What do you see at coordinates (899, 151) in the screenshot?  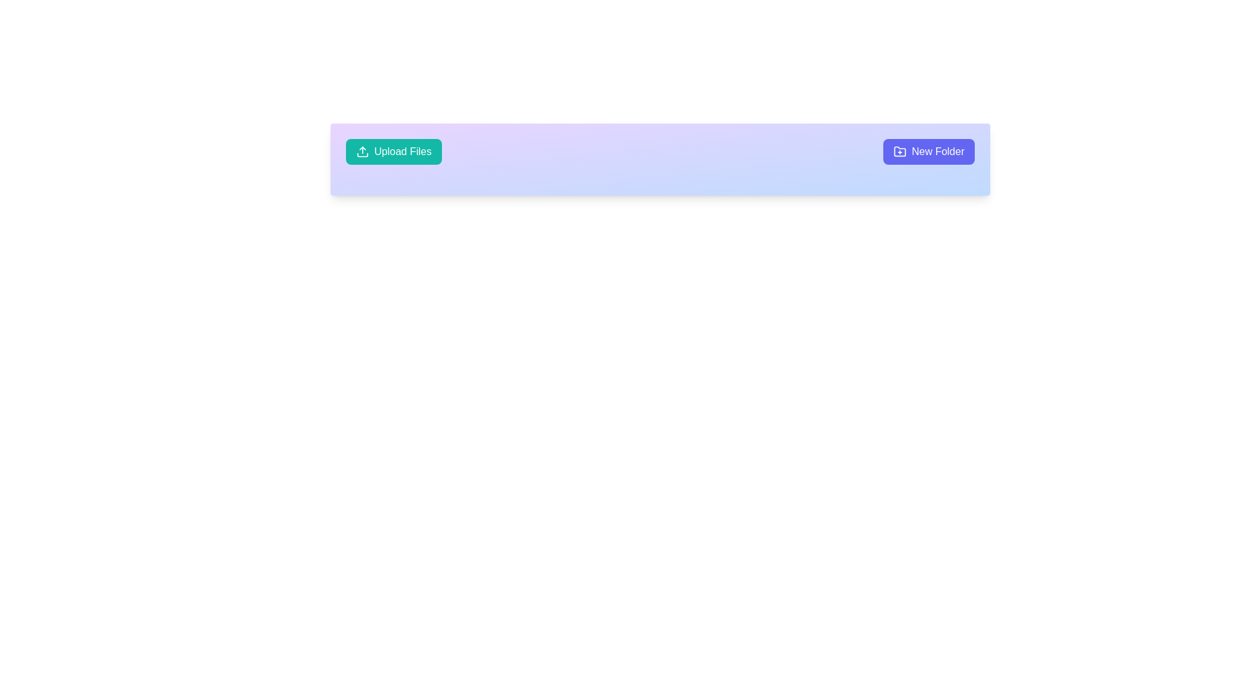 I see `the icon embedded within the 'New Folder' button to create or add a new folder` at bounding box center [899, 151].